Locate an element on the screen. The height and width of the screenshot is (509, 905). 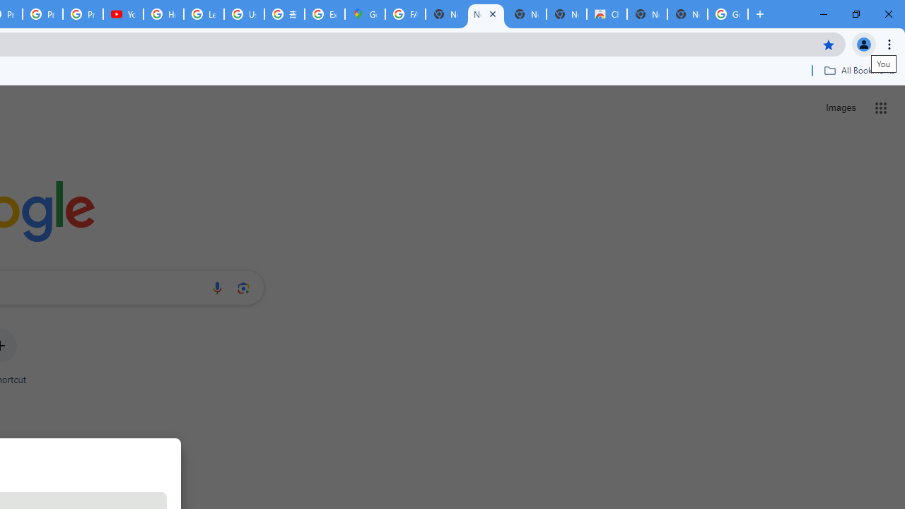
'Privacy Checkup' is located at coordinates (42, 14).